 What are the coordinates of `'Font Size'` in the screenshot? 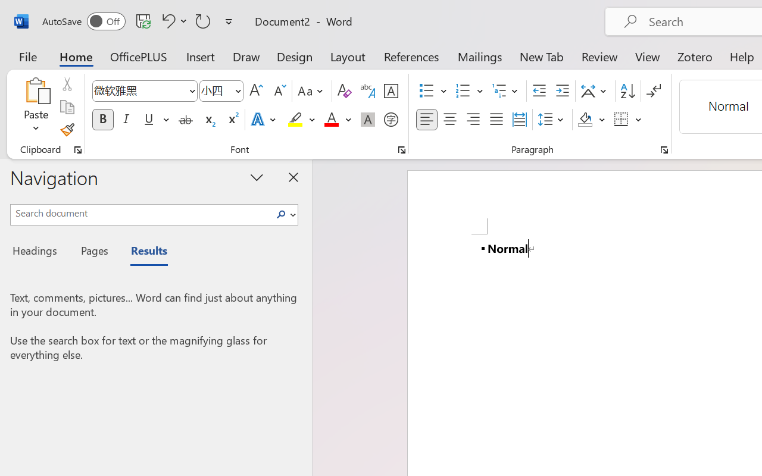 It's located at (216, 90).